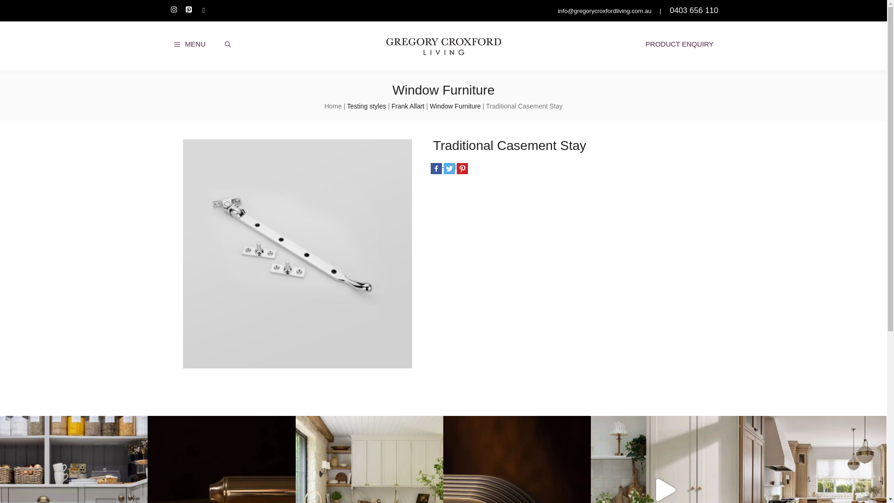 This screenshot has height=503, width=894. I want to click on '0403 656 110', so click(693, 10).